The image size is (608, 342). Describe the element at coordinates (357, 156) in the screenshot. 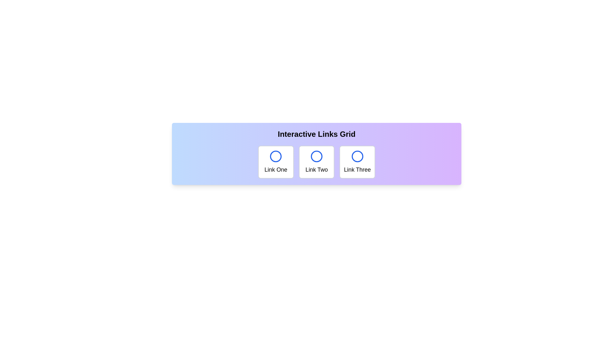

I see `the circular icon with a blue outline located at the top of the interactive block labeled 'Link Three'` at that location.